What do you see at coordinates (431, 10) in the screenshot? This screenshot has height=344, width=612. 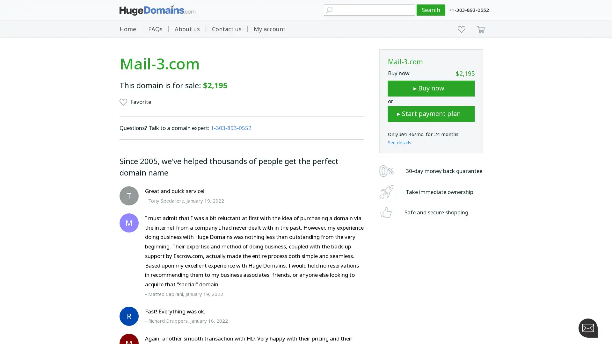 I see `Search` at bounding box center [431, 10].